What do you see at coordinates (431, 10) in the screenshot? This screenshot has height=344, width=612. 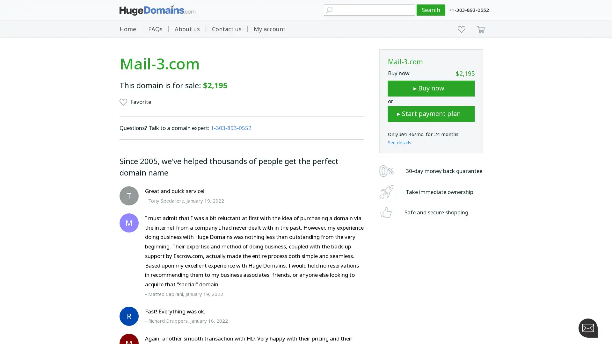 I see `Search` at bounding box center [431, 10].